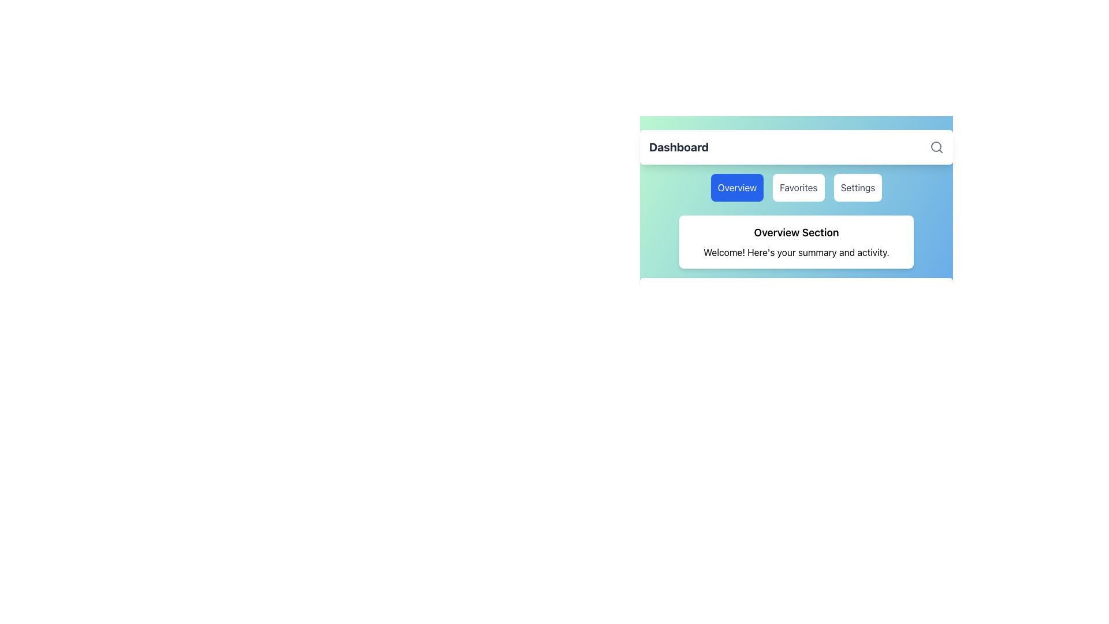 Image resolution: width=1109 pixels, height=624 pixels. I want to click on the first button labeled 'Overview' in the horizontal button group with a blue background and white text, so click(736, 187).